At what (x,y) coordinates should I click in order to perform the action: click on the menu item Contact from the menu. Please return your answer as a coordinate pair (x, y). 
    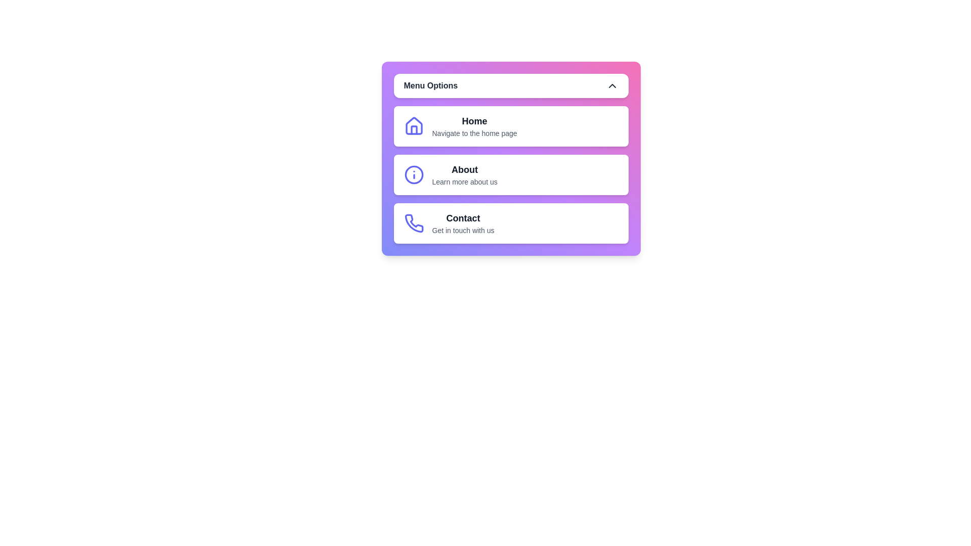
    Looking at the image, I should click on (511, 223).